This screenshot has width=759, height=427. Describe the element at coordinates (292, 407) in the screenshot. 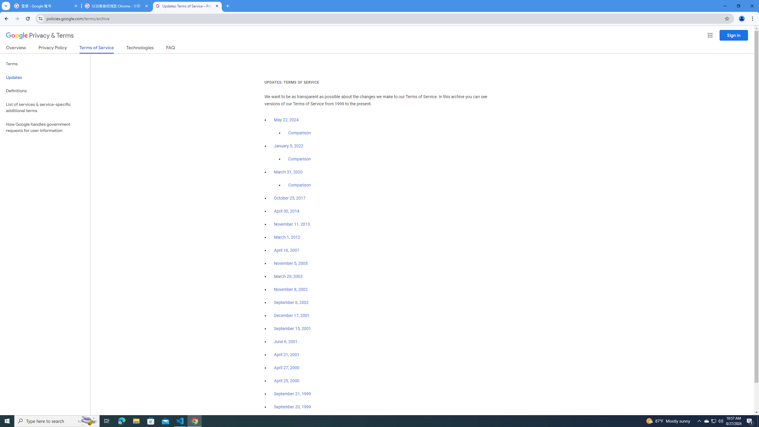

I see `'September 20, 1999'` at that location.